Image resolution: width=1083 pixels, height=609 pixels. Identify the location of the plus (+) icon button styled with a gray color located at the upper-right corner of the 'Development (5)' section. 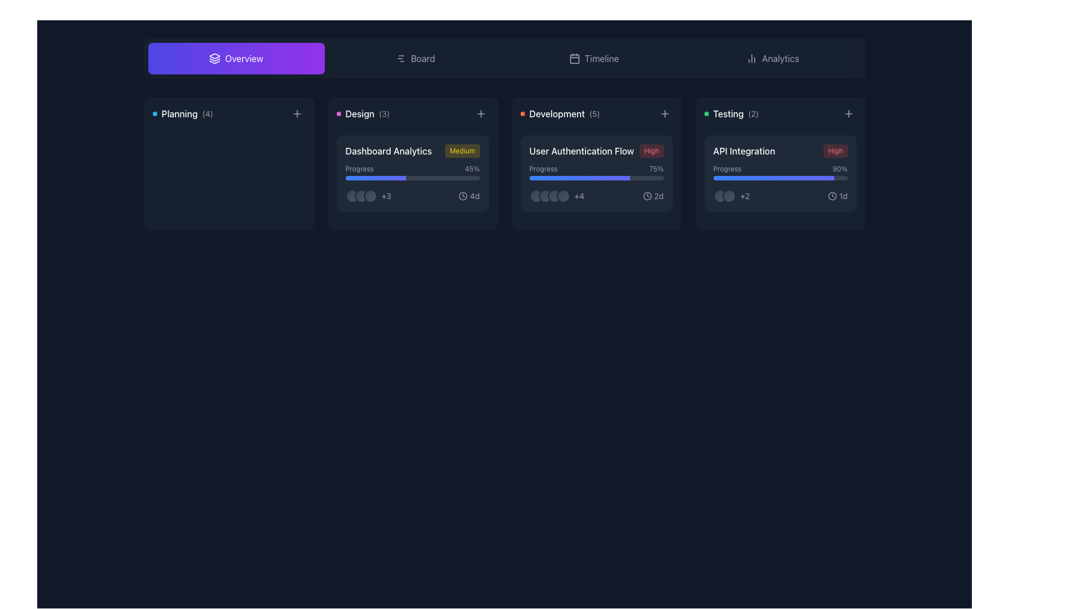
(664, 113).